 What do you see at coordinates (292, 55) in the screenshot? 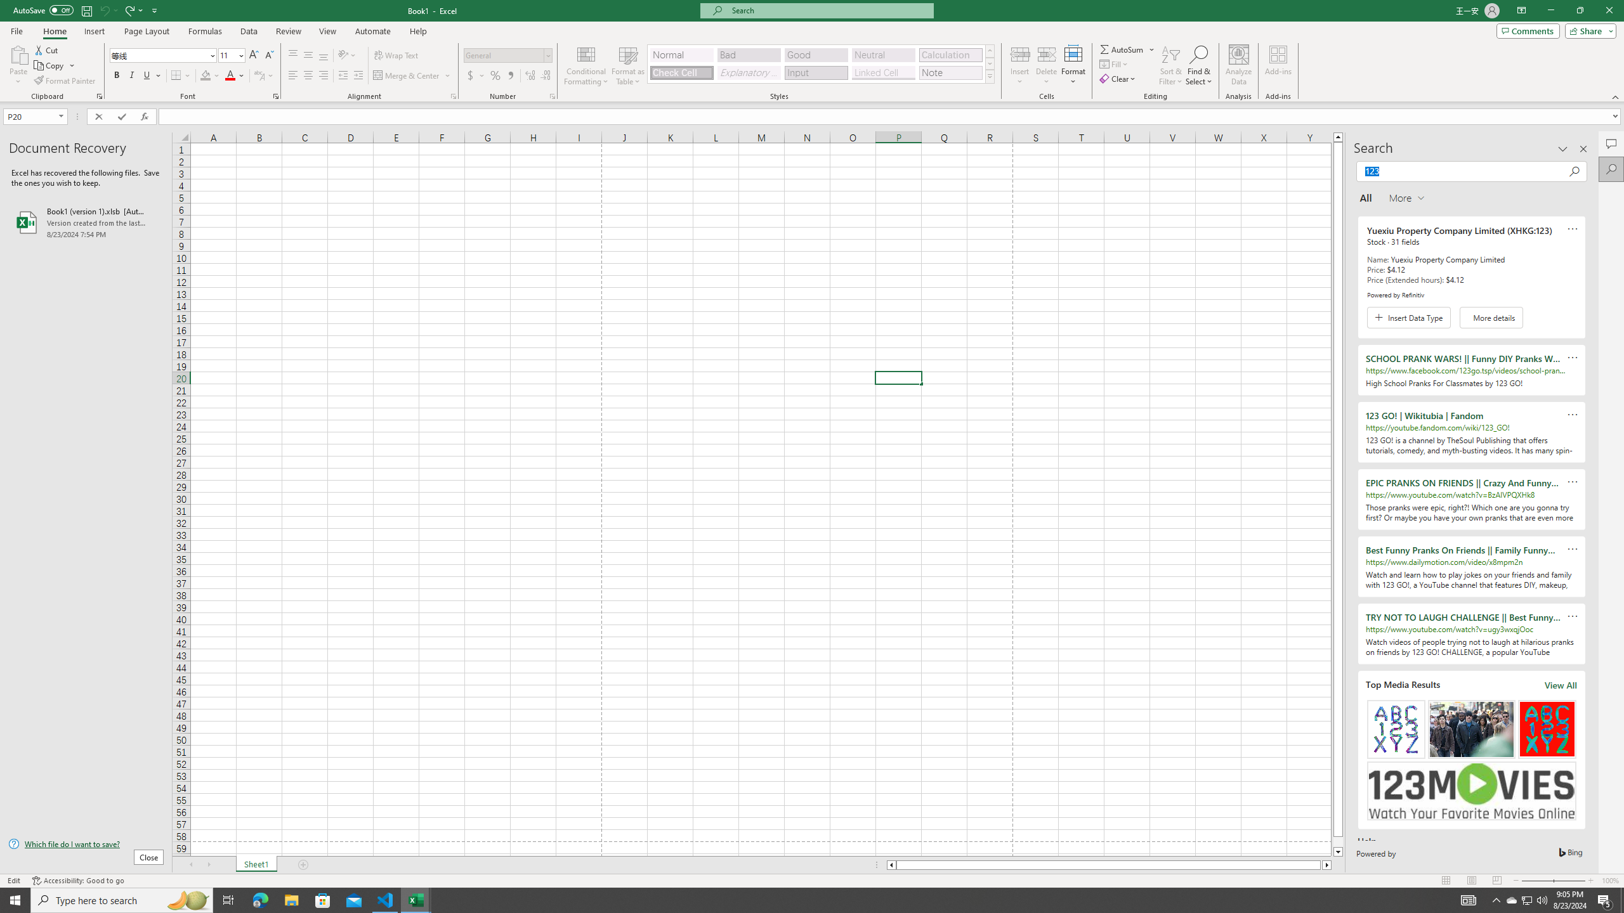
I see `'Top Align'` at bounding box center [292, 55].